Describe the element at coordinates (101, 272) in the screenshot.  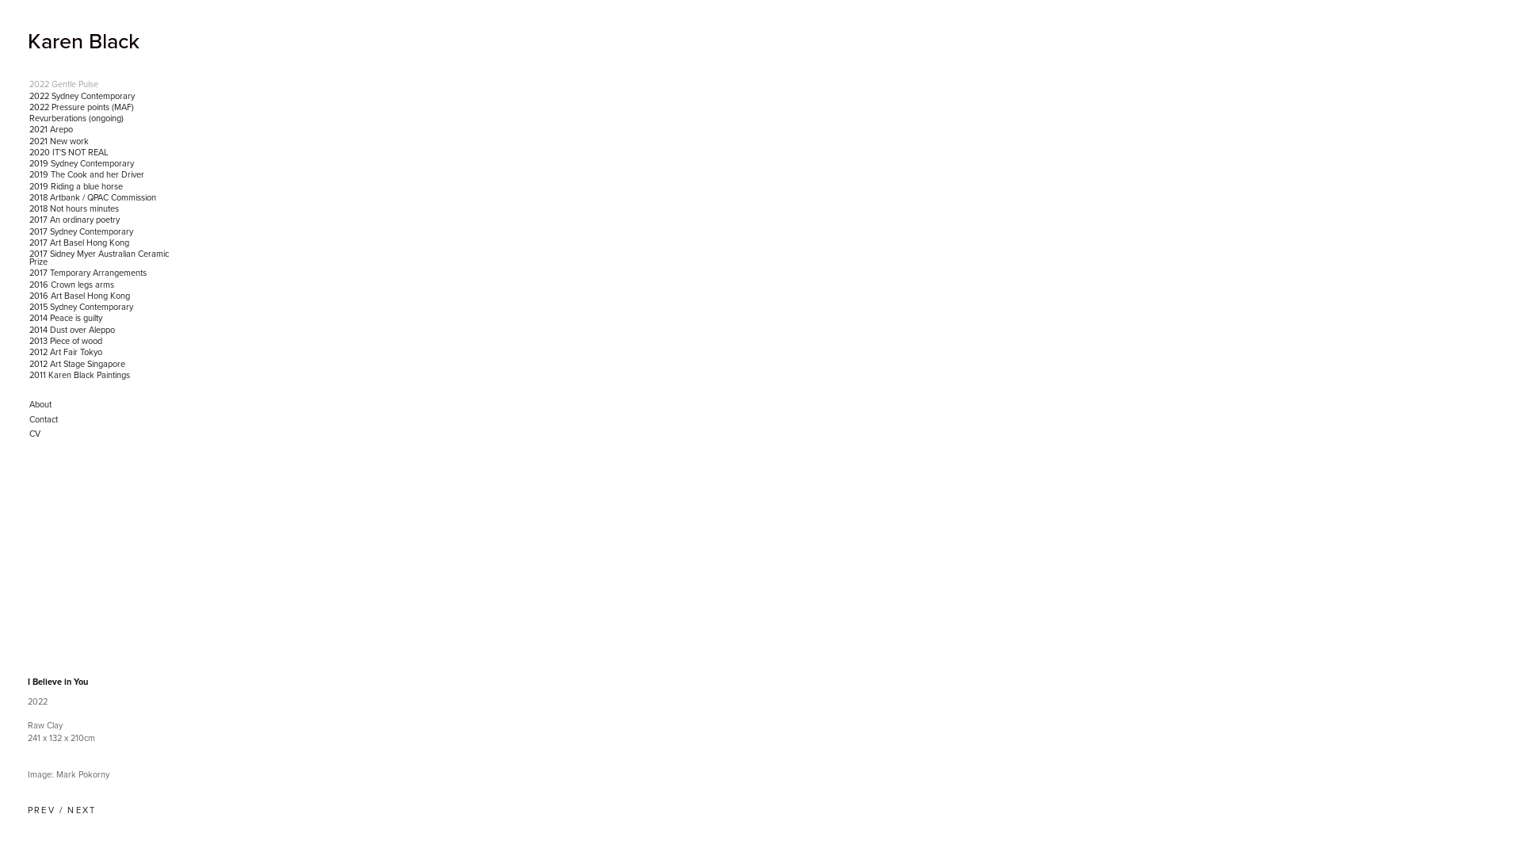
I see `'2017 Temporary Arrangements'` at that location.